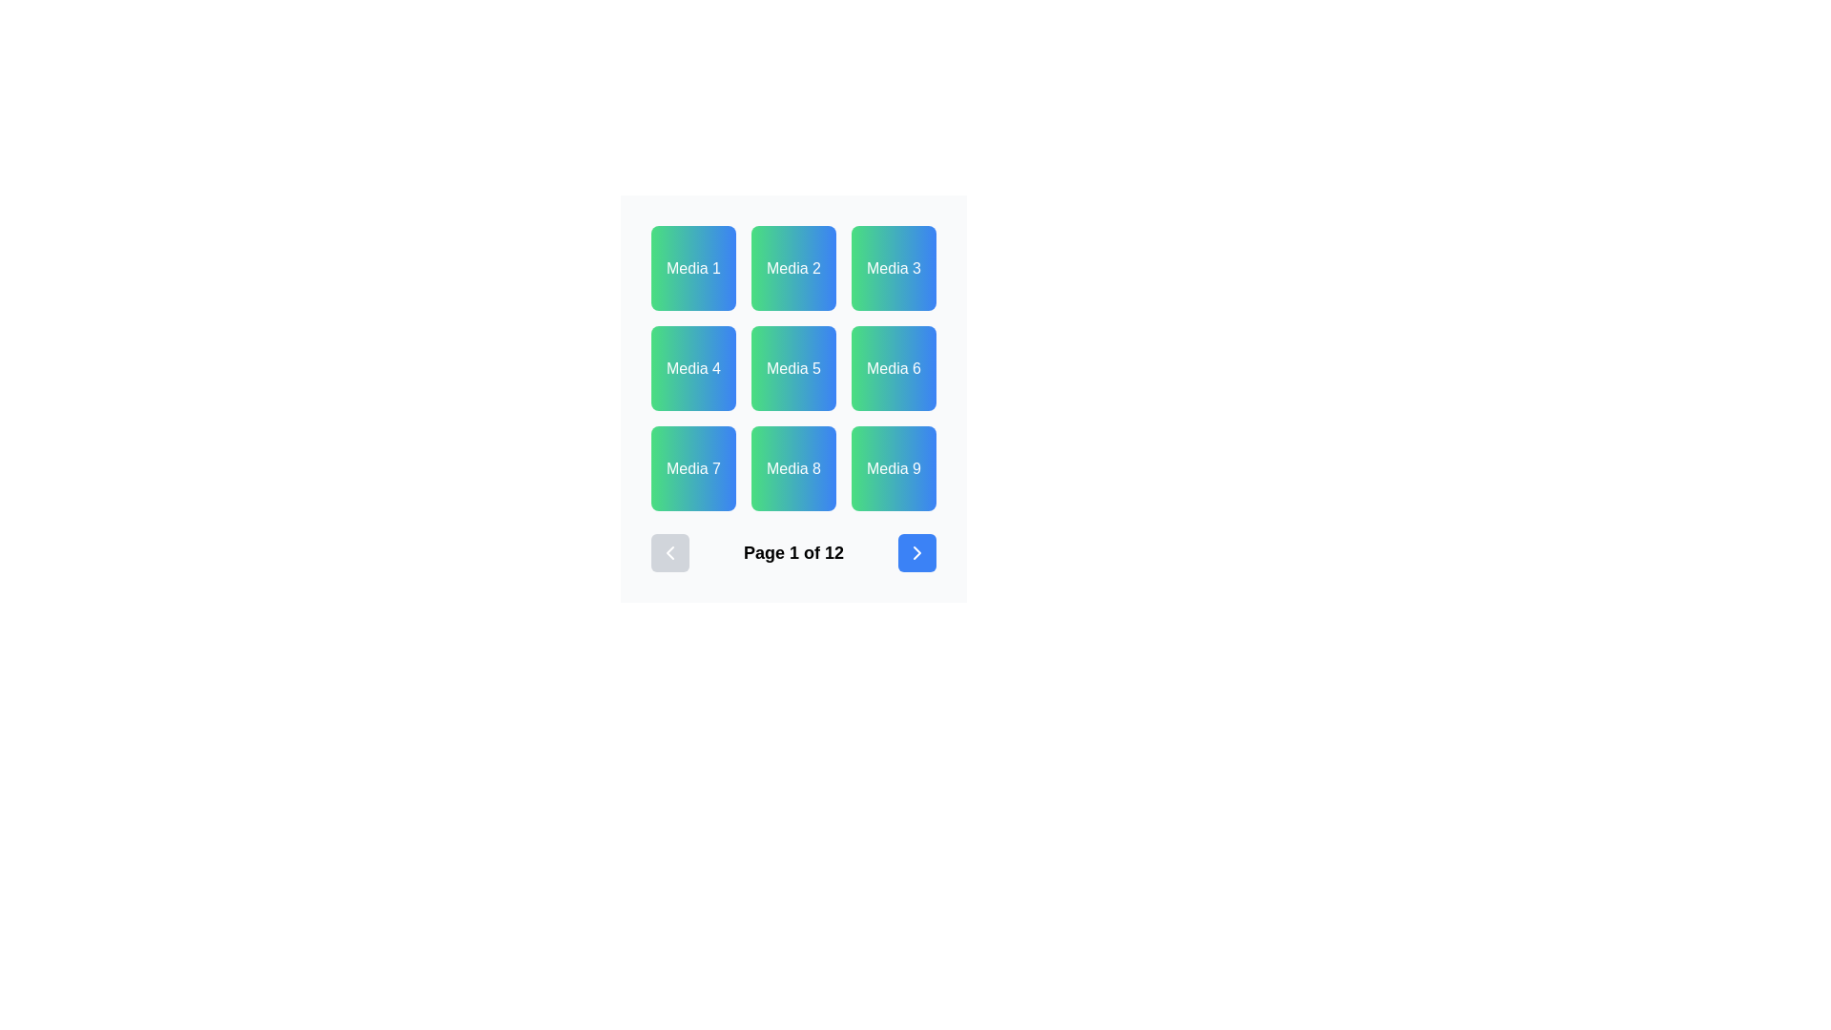  Describe the element at coordinates (793, 552) in the screenshot. I see `the label displaying 'Page 1 of 12', which is located in the center-bottom part of the interface, part of a navigation bar below a grid of media items` at that location.